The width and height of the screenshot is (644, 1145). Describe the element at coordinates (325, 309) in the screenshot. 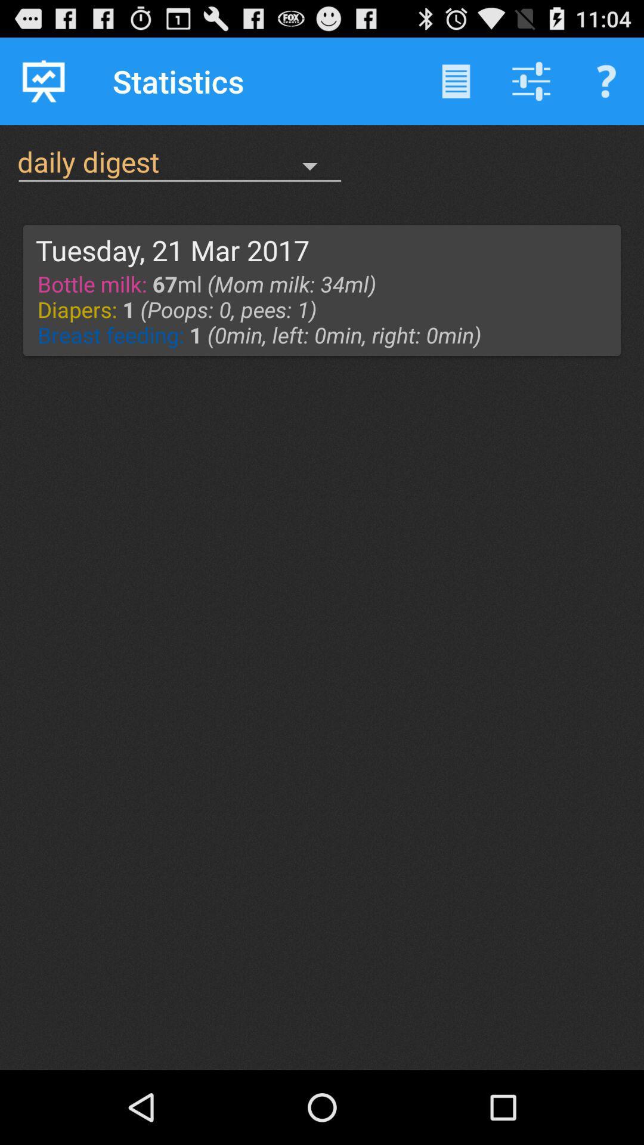

I see `item at the top` at that location.